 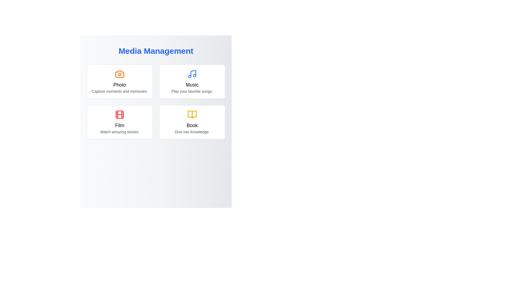 I want to click on the music icon located in the 'Media Management' section, specifically in the second cell of the first row, above the text 'Music', so click(x=192, y=74).